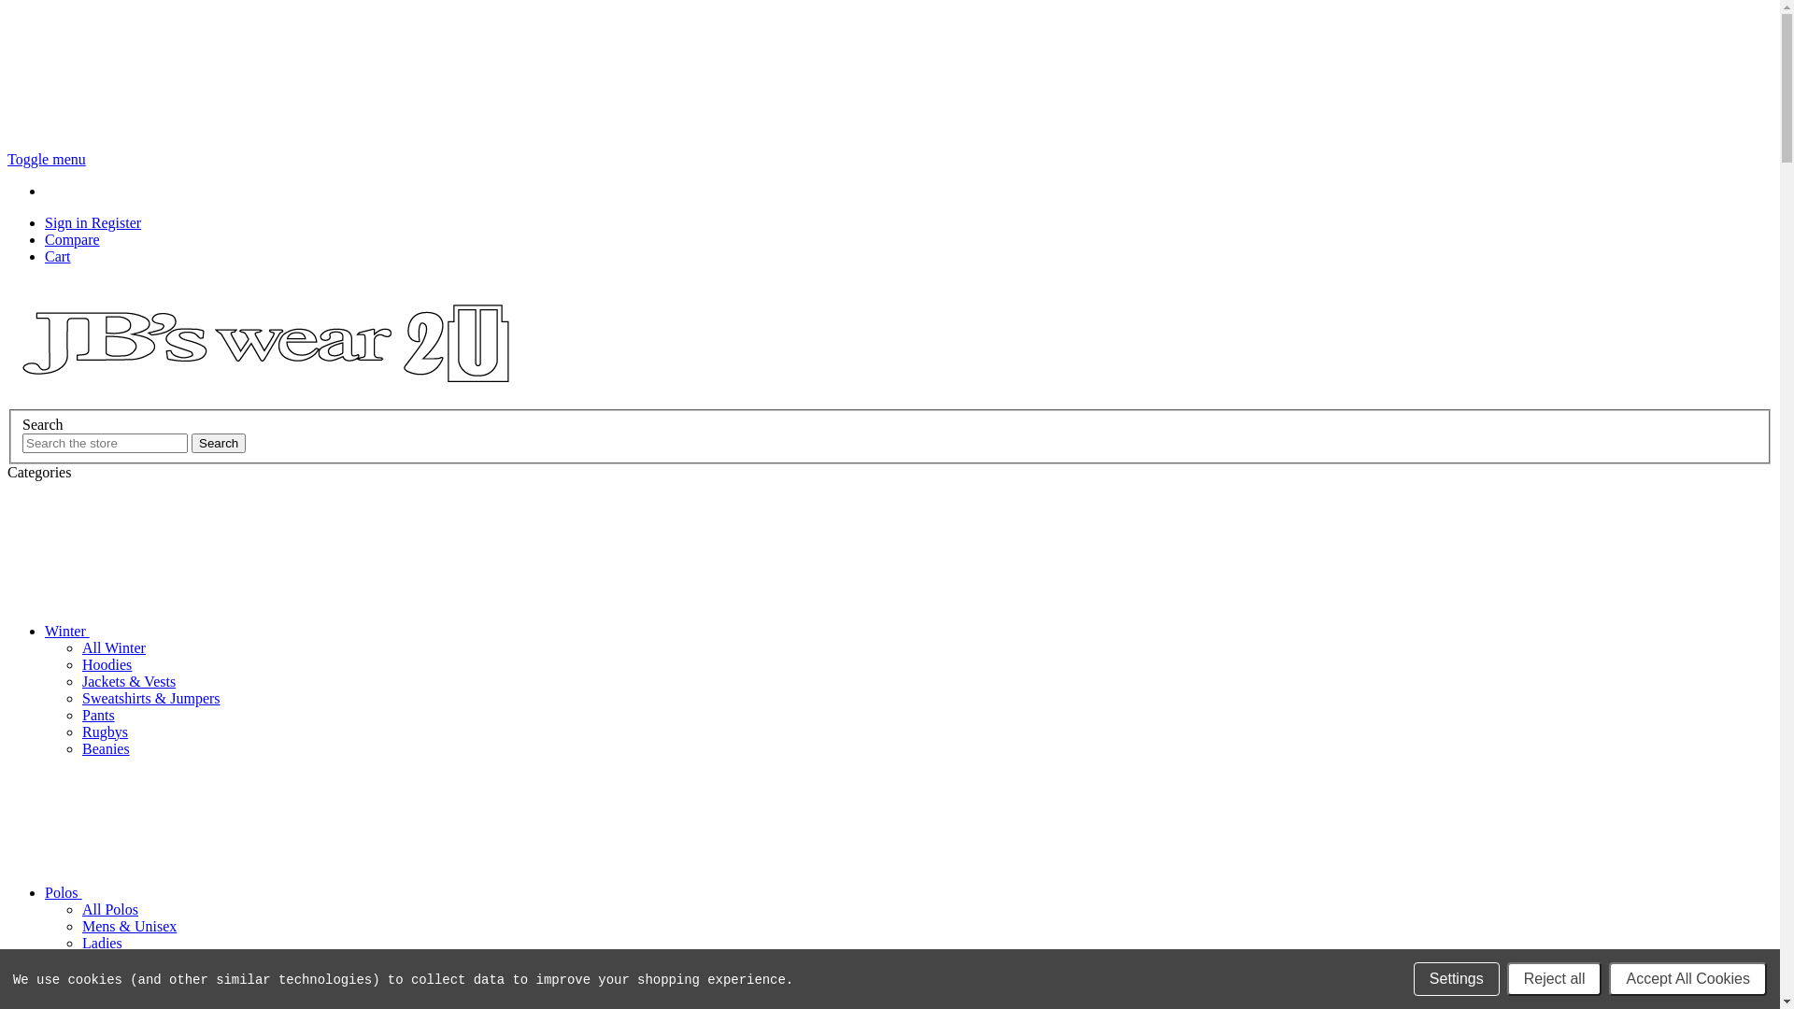  What do you see at coordinates (151, 698) in the screenshot?
I see `'Sweatshirts & Jumpers'` at bounding box center [151, 698].